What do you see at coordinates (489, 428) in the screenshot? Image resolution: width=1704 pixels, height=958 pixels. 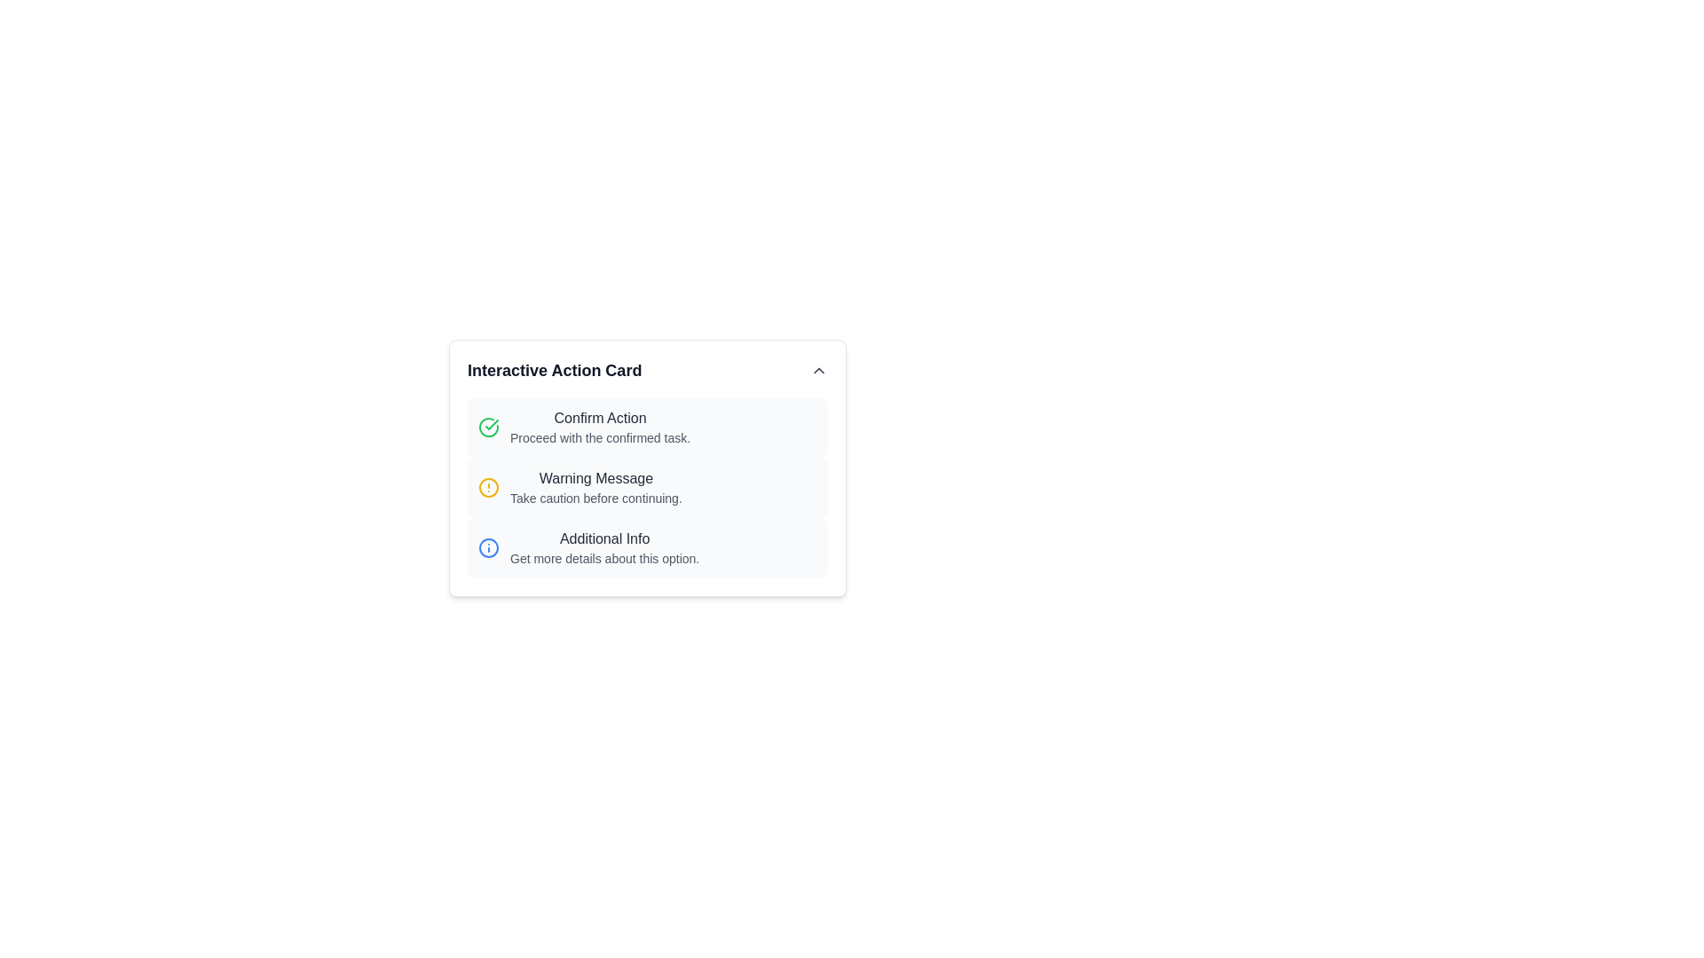 I see `the graphical style of the surrounding circle element of the checkmark icon within the 'Interactive Action Card' in the upper section of the interface` at bounding box center [489, 428].